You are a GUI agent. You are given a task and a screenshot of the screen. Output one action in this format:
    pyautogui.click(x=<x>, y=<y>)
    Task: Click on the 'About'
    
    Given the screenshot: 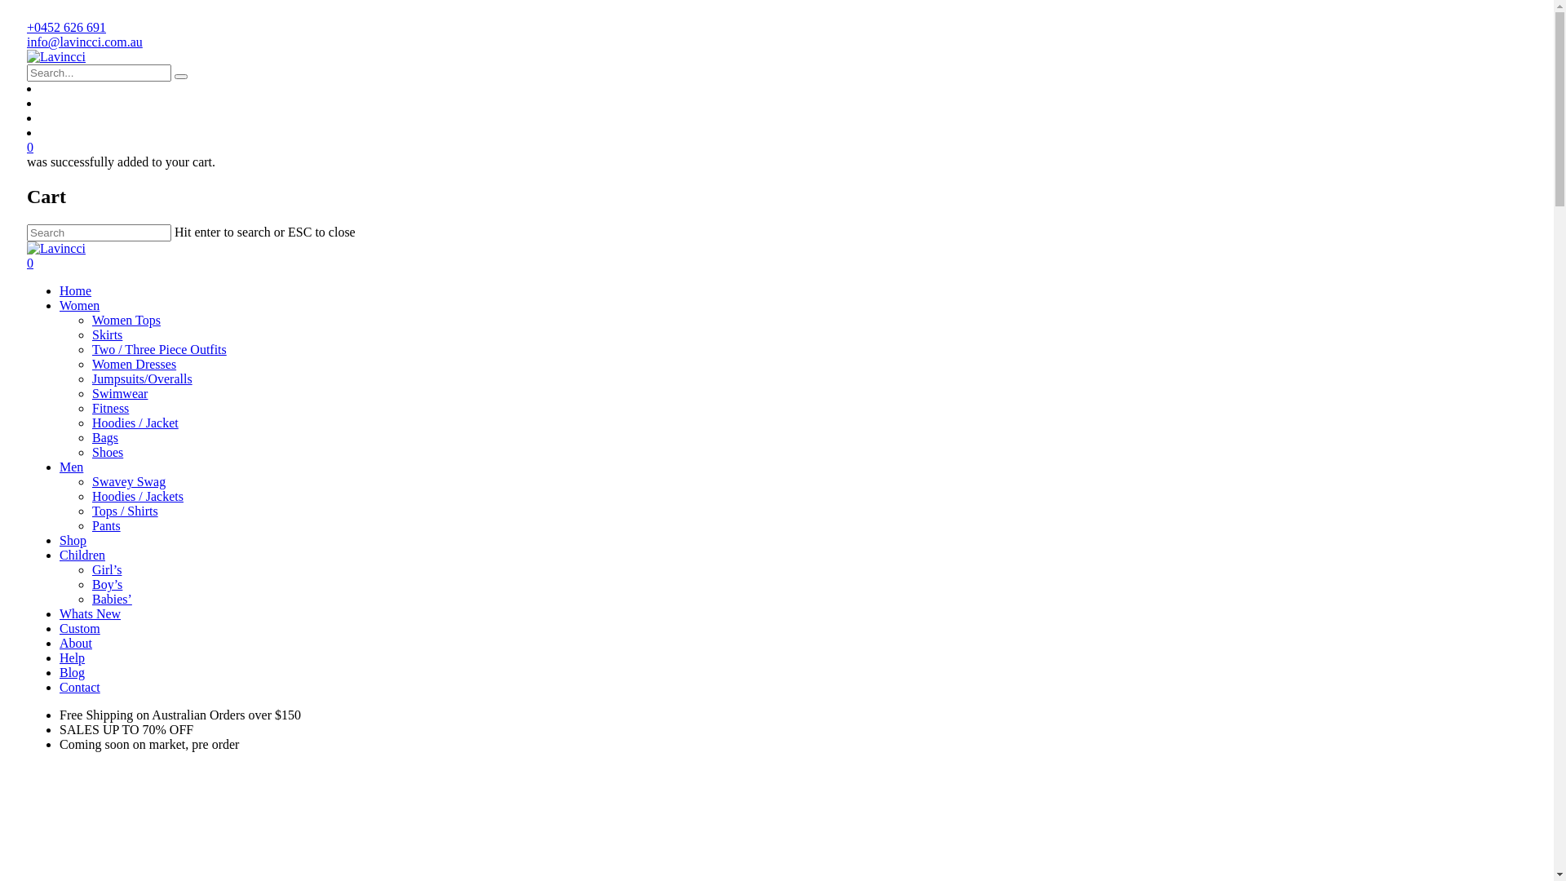 What is the action you would take?
    pyautogui.click(x=74, y=642)
    